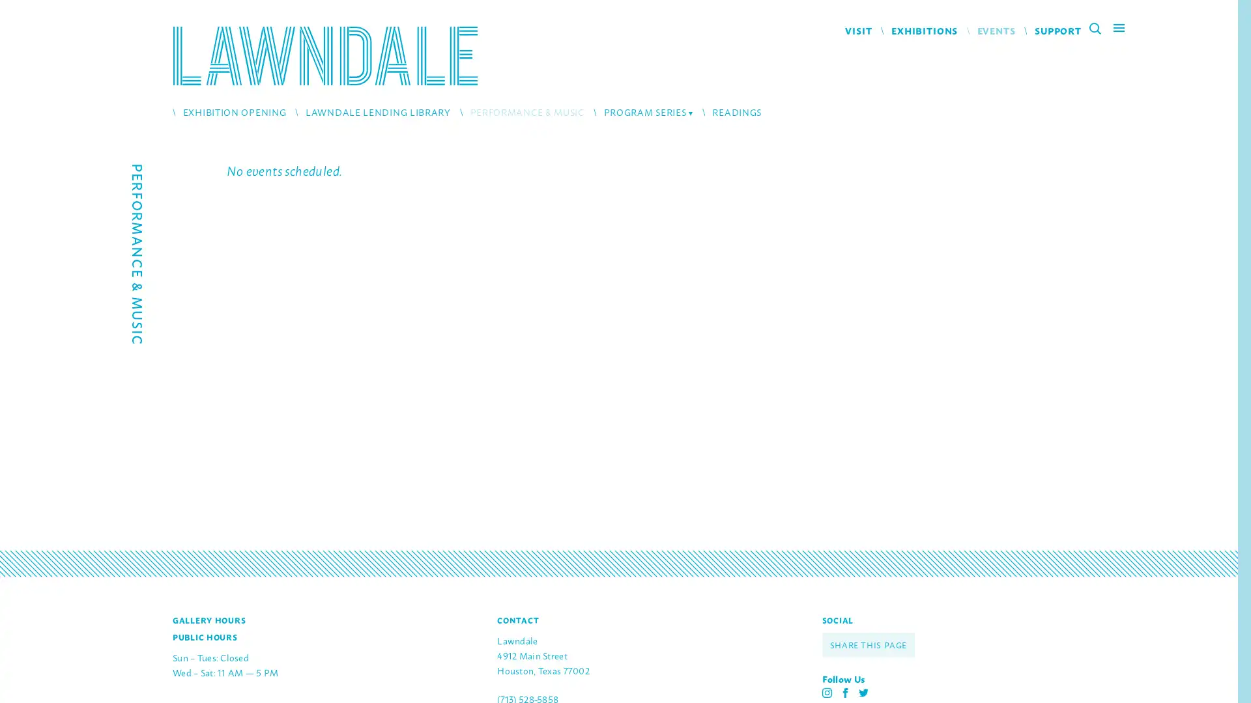  I want to click on Search, so click(1099, 30).